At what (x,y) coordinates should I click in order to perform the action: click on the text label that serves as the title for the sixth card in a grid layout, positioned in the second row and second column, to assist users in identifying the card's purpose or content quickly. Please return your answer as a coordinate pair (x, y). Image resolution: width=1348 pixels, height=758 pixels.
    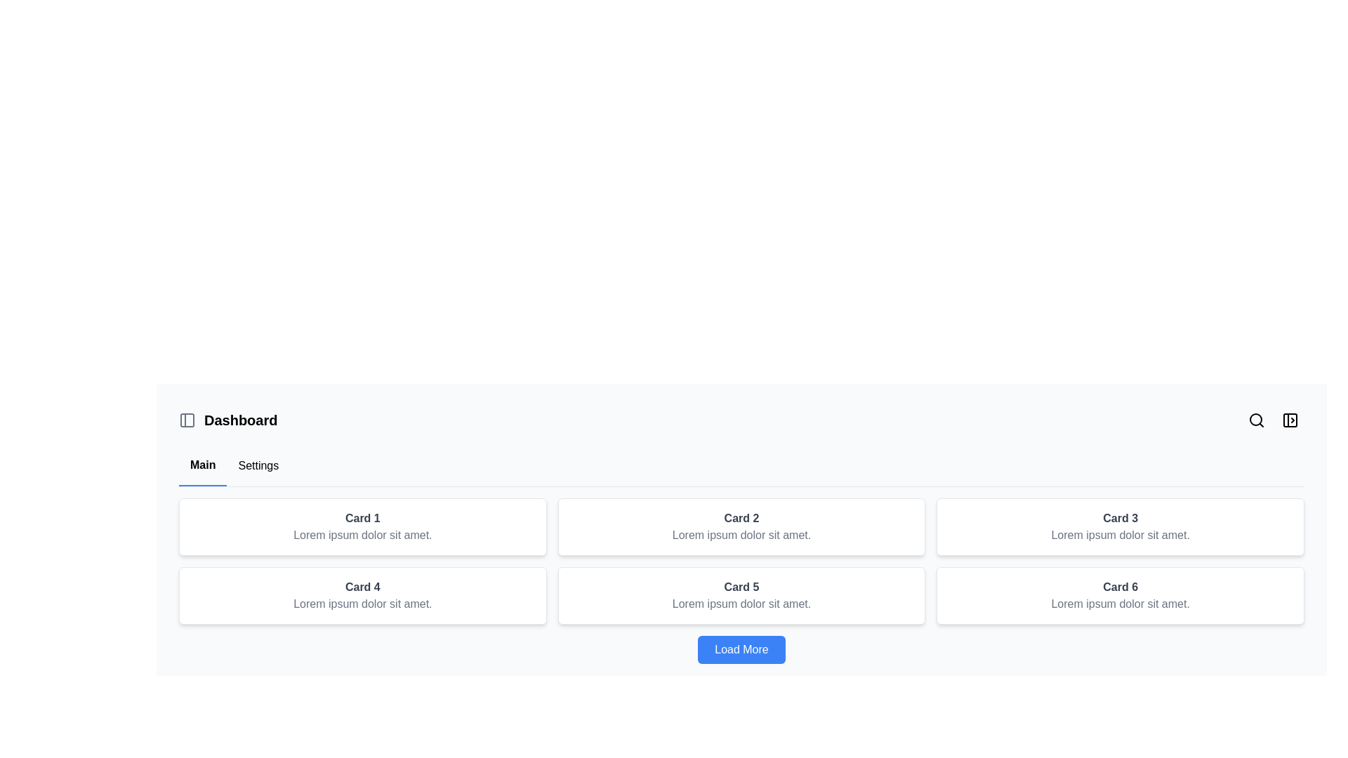
    Looking at the image, I should click on (1120, 587).